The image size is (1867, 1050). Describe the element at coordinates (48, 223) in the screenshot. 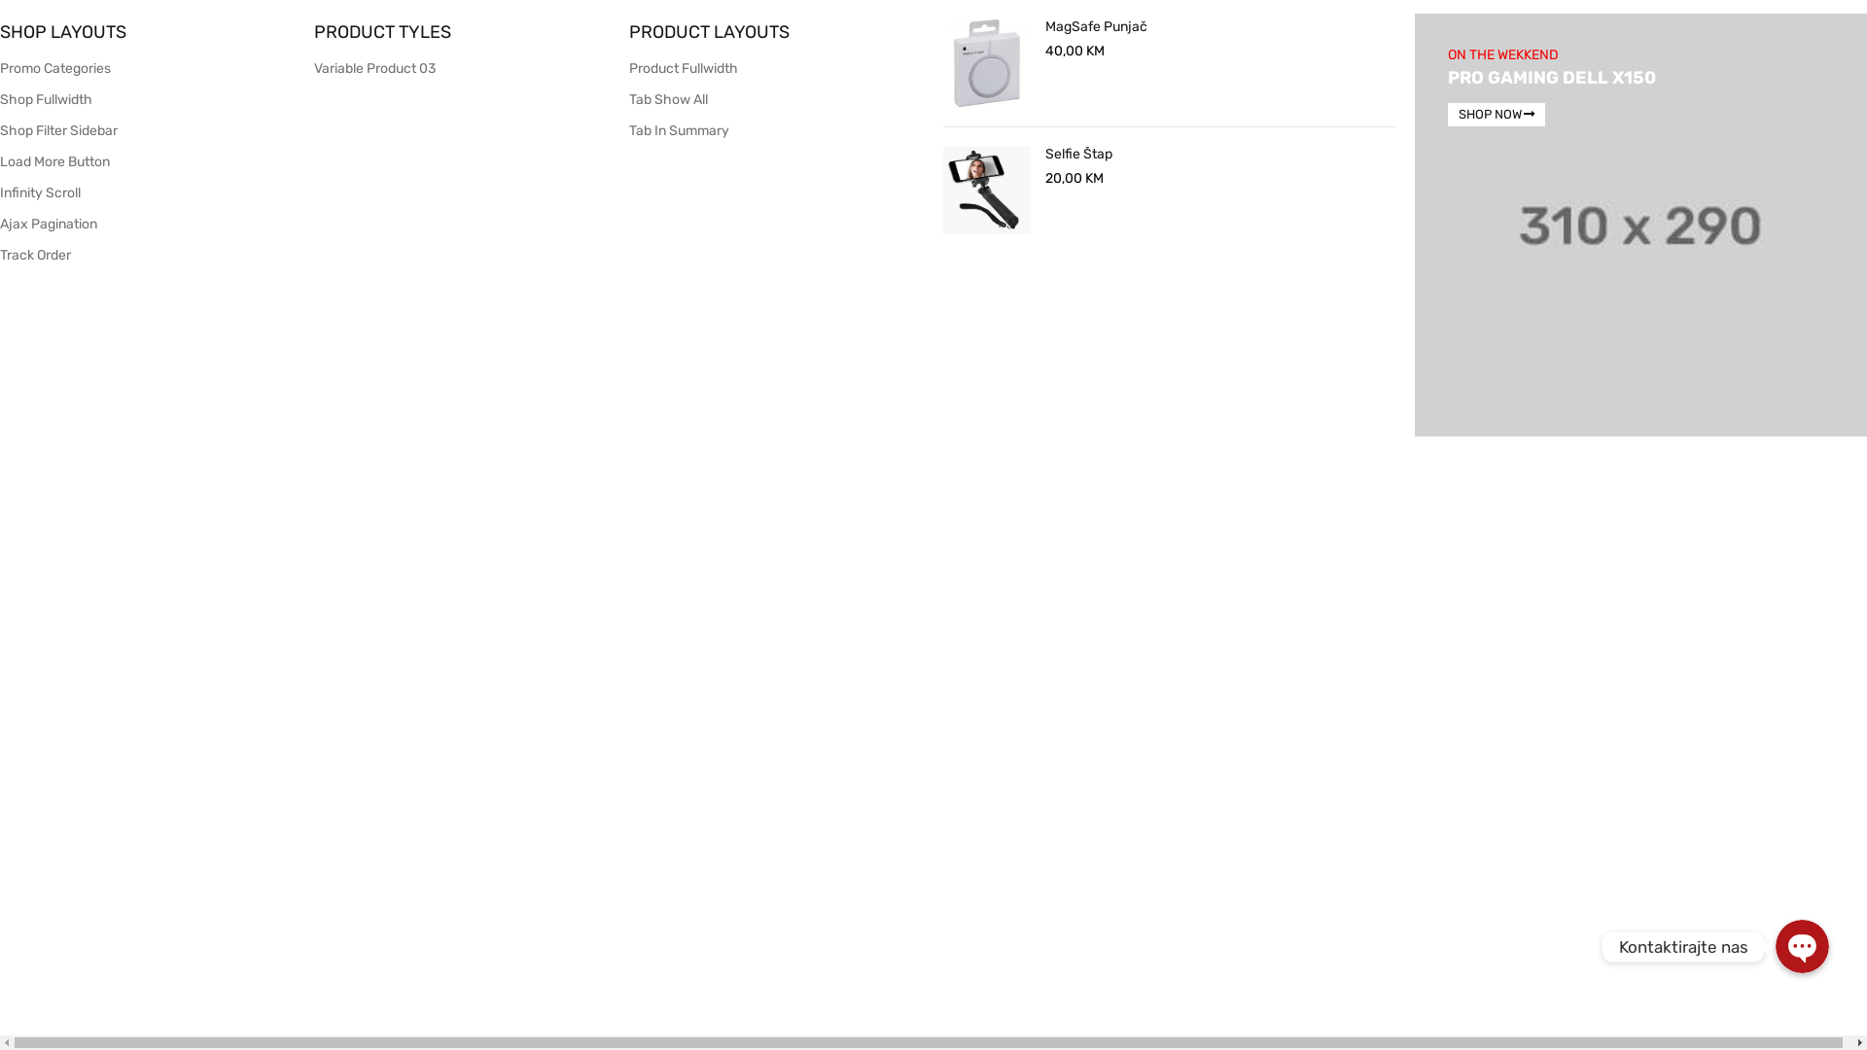

I see `'Ajax Pagination'` at that location.